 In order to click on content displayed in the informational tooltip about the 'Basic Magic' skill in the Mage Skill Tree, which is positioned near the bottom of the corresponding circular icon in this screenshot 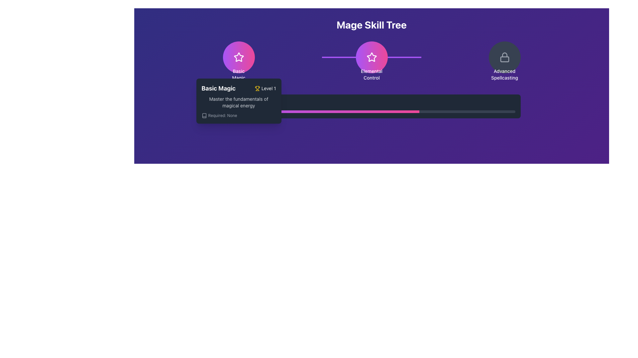, I will do `click(239, 101)`.